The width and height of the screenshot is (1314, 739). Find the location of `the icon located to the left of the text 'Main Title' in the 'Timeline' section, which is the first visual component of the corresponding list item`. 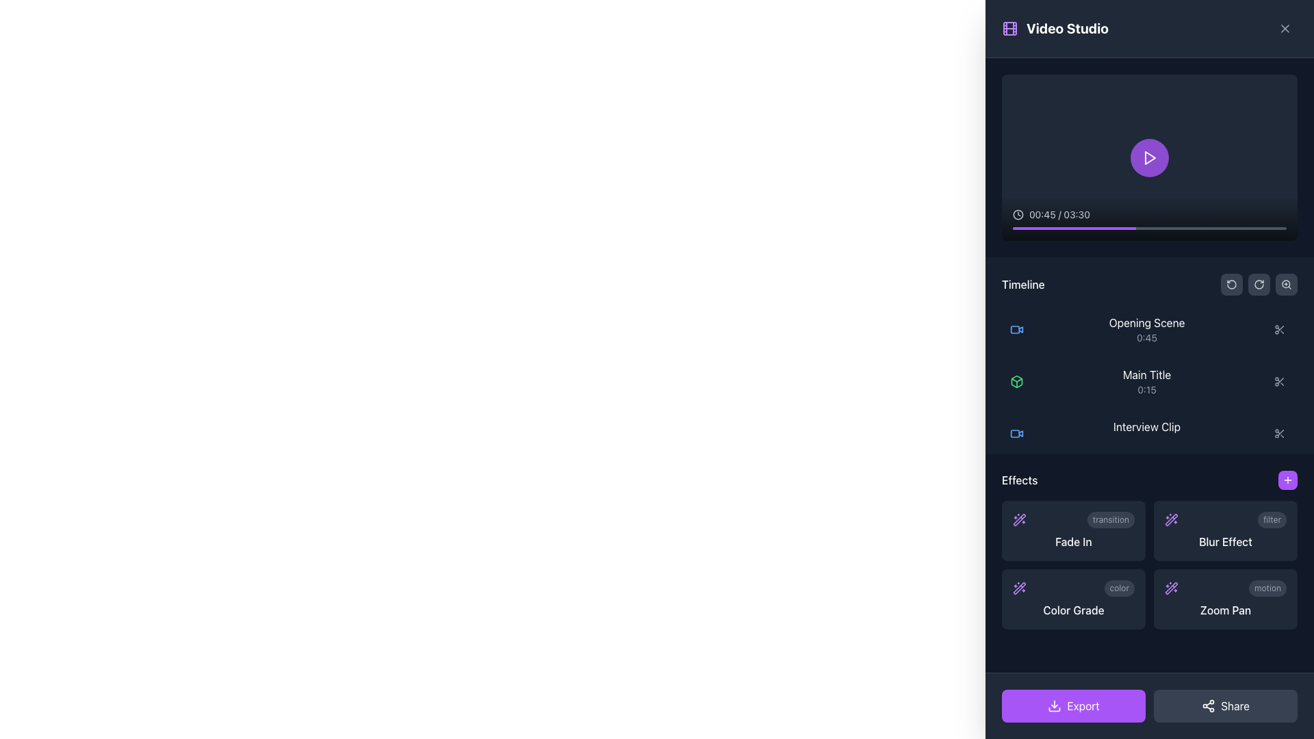

the icon located to the left of the text 'Main Title' in the 'Timeline' section, which is the first visual component of the corresponding list item is located at coordinates (1017, 382).